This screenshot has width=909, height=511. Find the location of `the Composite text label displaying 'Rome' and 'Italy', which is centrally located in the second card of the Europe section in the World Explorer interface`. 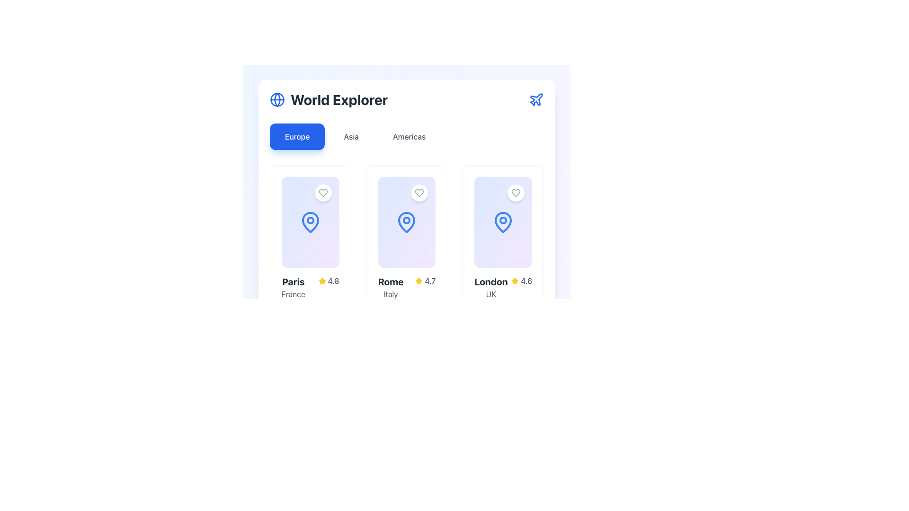

the Composite text label displaying 'Rome' and 'Italy', which is centrally located in the second card of the Europe section in the World Explorer interface is located at coordinates (391, 287).